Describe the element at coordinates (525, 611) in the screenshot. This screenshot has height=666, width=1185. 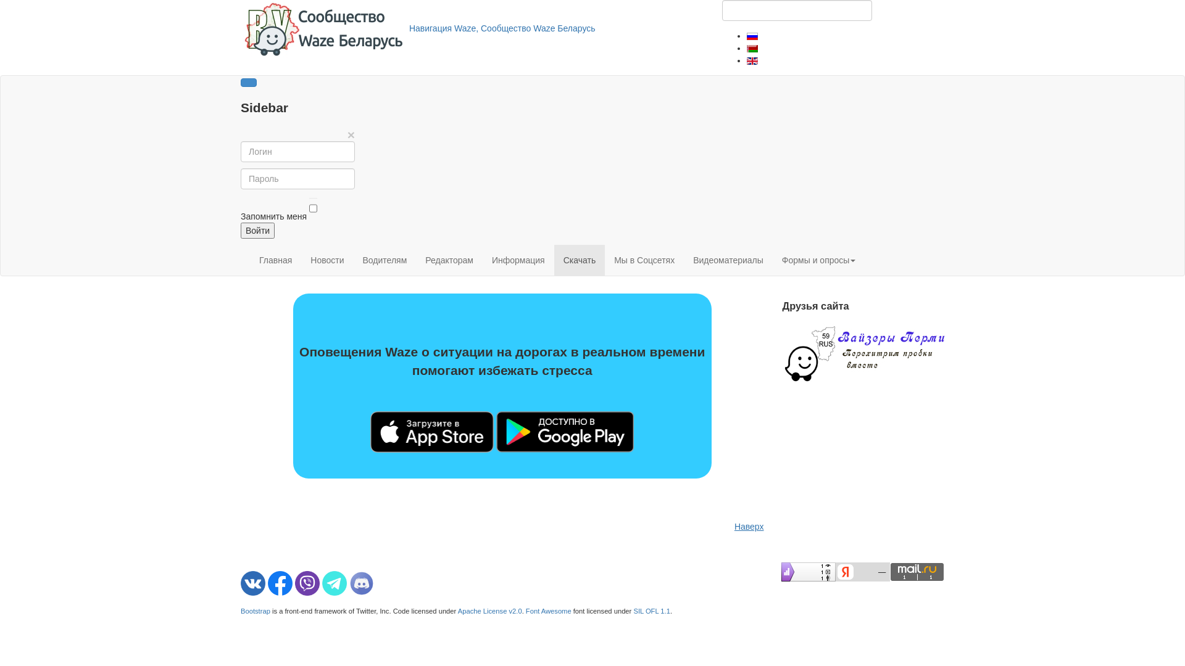
I see `'Font Awesome'` at that location.